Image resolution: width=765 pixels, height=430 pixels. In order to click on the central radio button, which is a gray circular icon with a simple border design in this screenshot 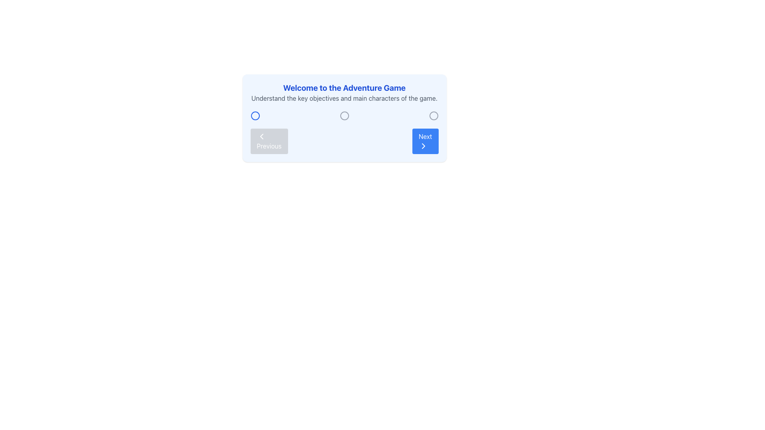, I will do `click(344, 115)`.